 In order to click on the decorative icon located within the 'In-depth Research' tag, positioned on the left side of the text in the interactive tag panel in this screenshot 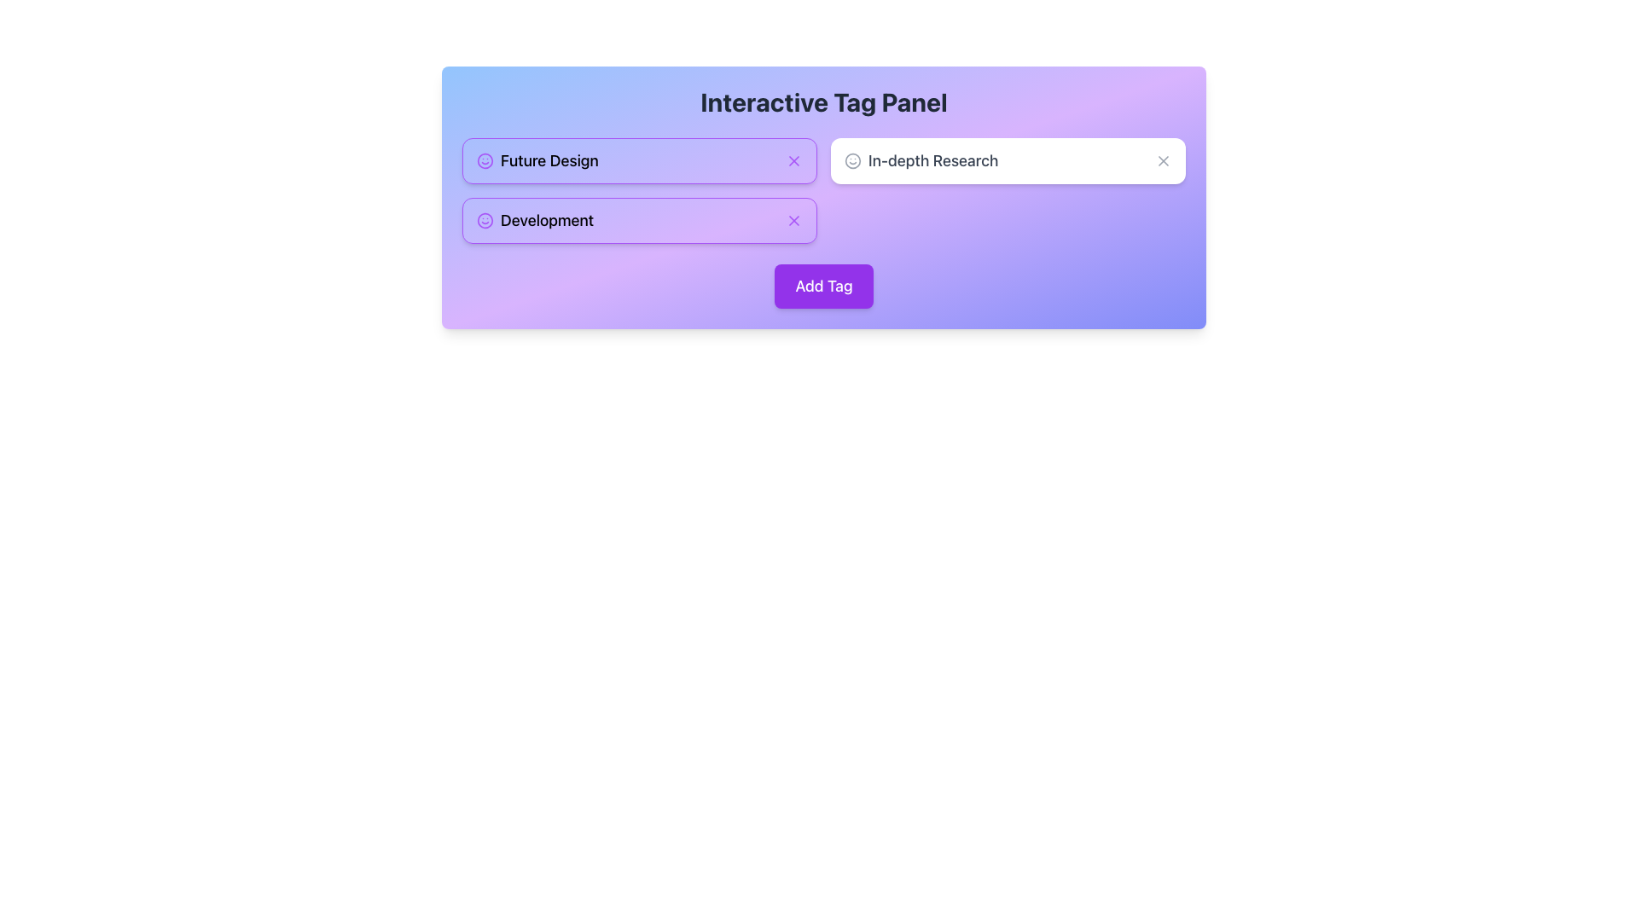, I will do `click(852, 161)`.